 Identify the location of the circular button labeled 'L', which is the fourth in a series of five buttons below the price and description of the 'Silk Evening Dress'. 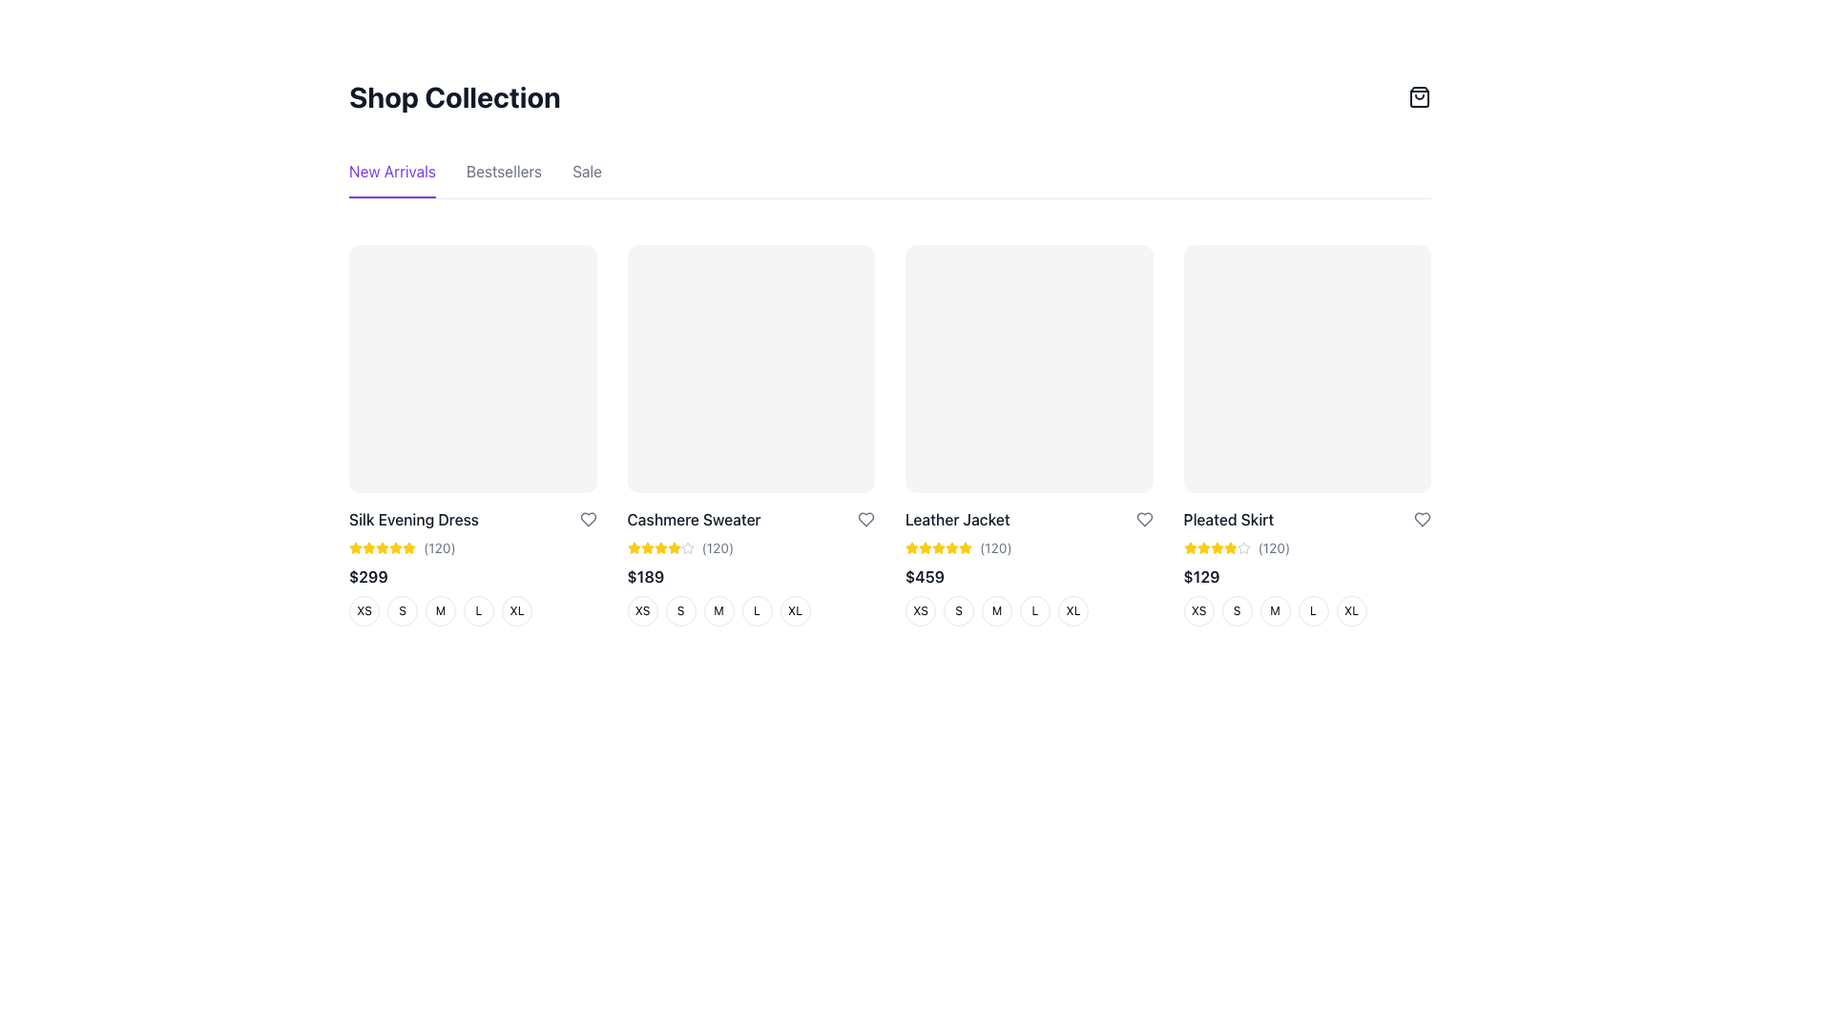
(472, 610).